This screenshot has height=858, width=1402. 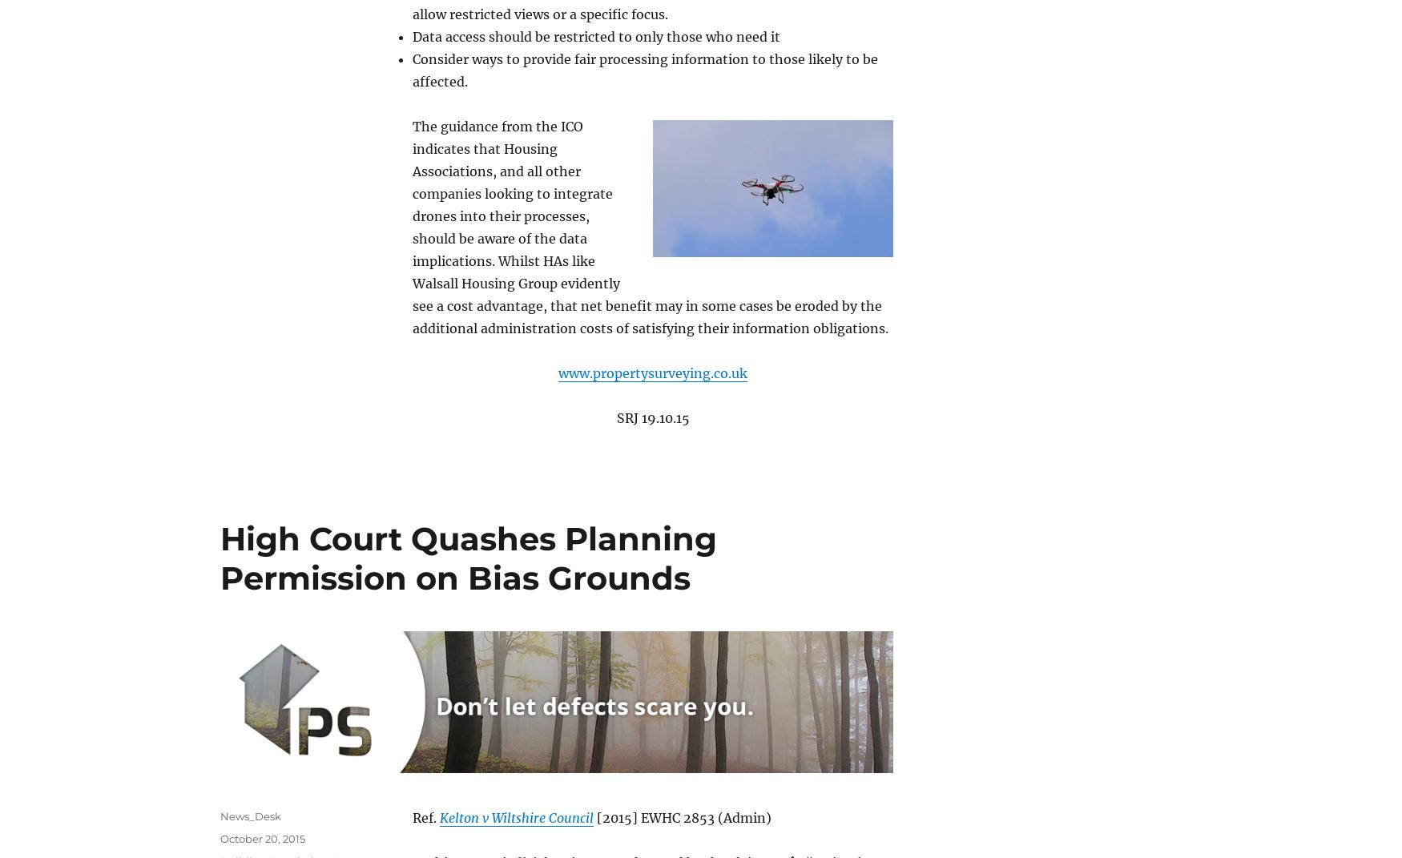 I want to click on '[2015] EWHC 2853 (Admin)', so click(x=683, y=817).